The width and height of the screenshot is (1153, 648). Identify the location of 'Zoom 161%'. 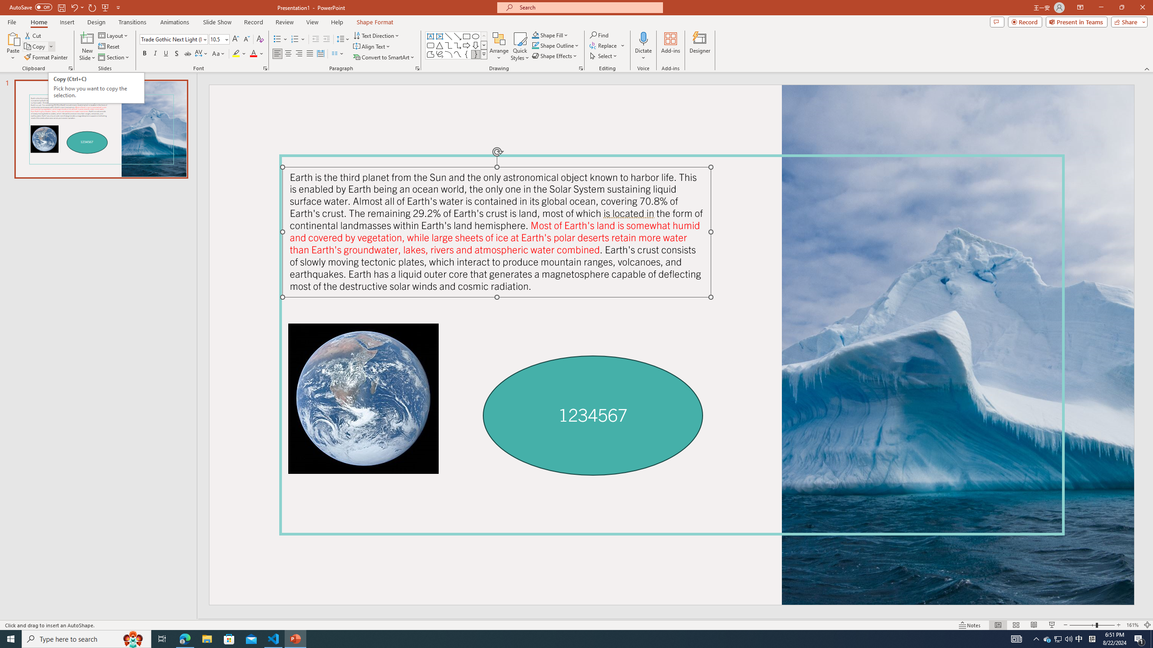
(1133, 625).